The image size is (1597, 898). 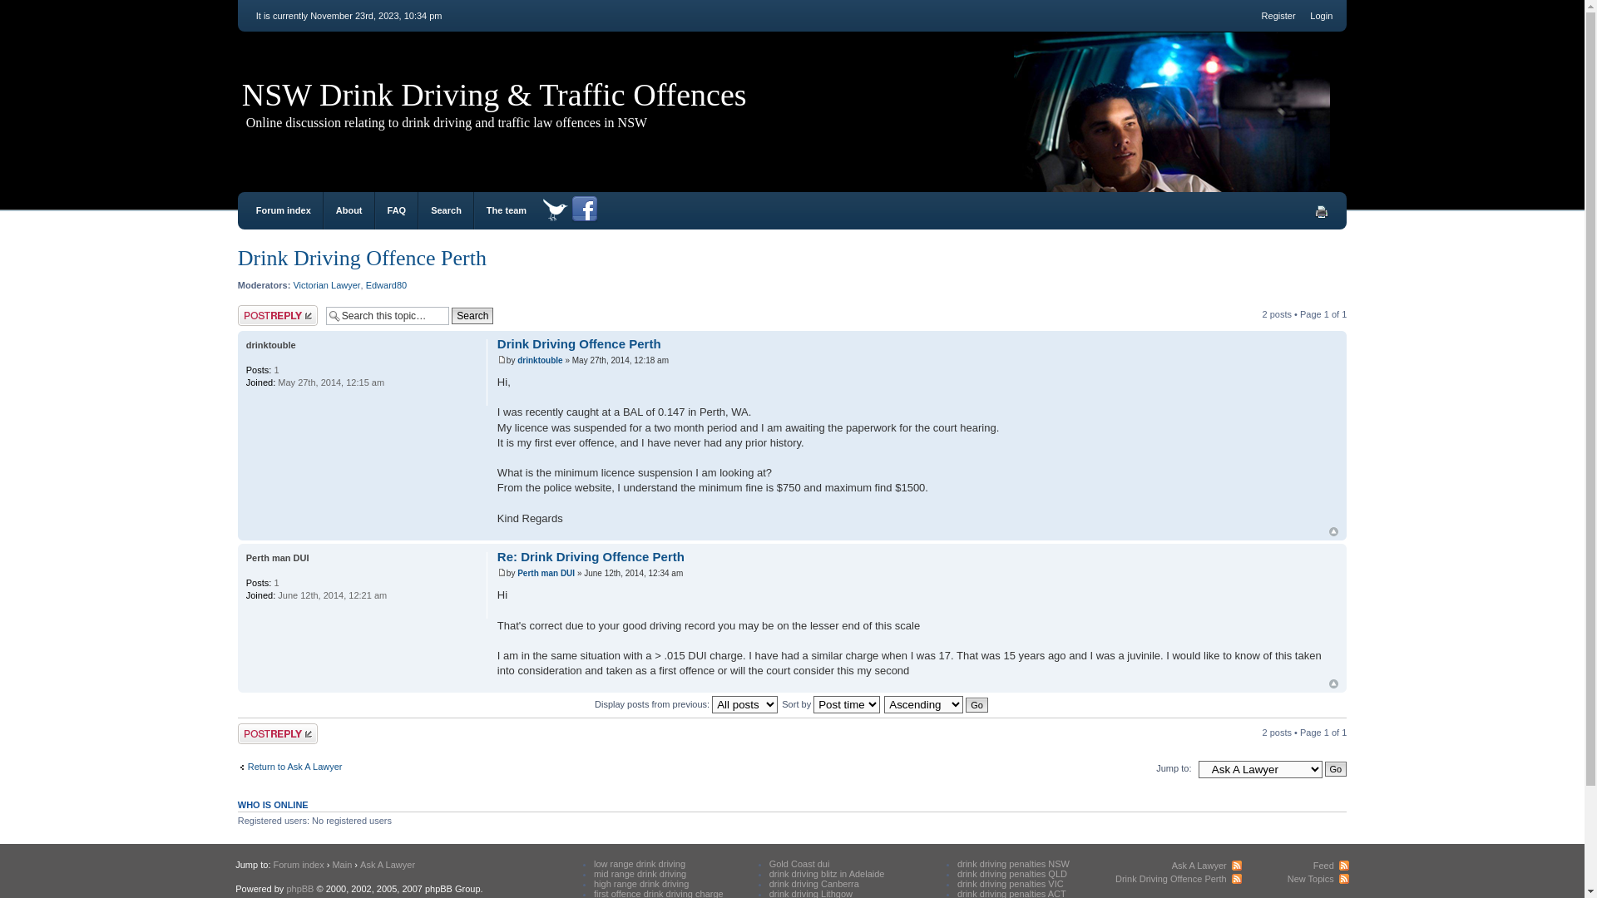 What do you see at coordinates (1012, 862) in the screenshot?
I see `'drink driving penalties NSW'` at bounding box center [1012, 862].